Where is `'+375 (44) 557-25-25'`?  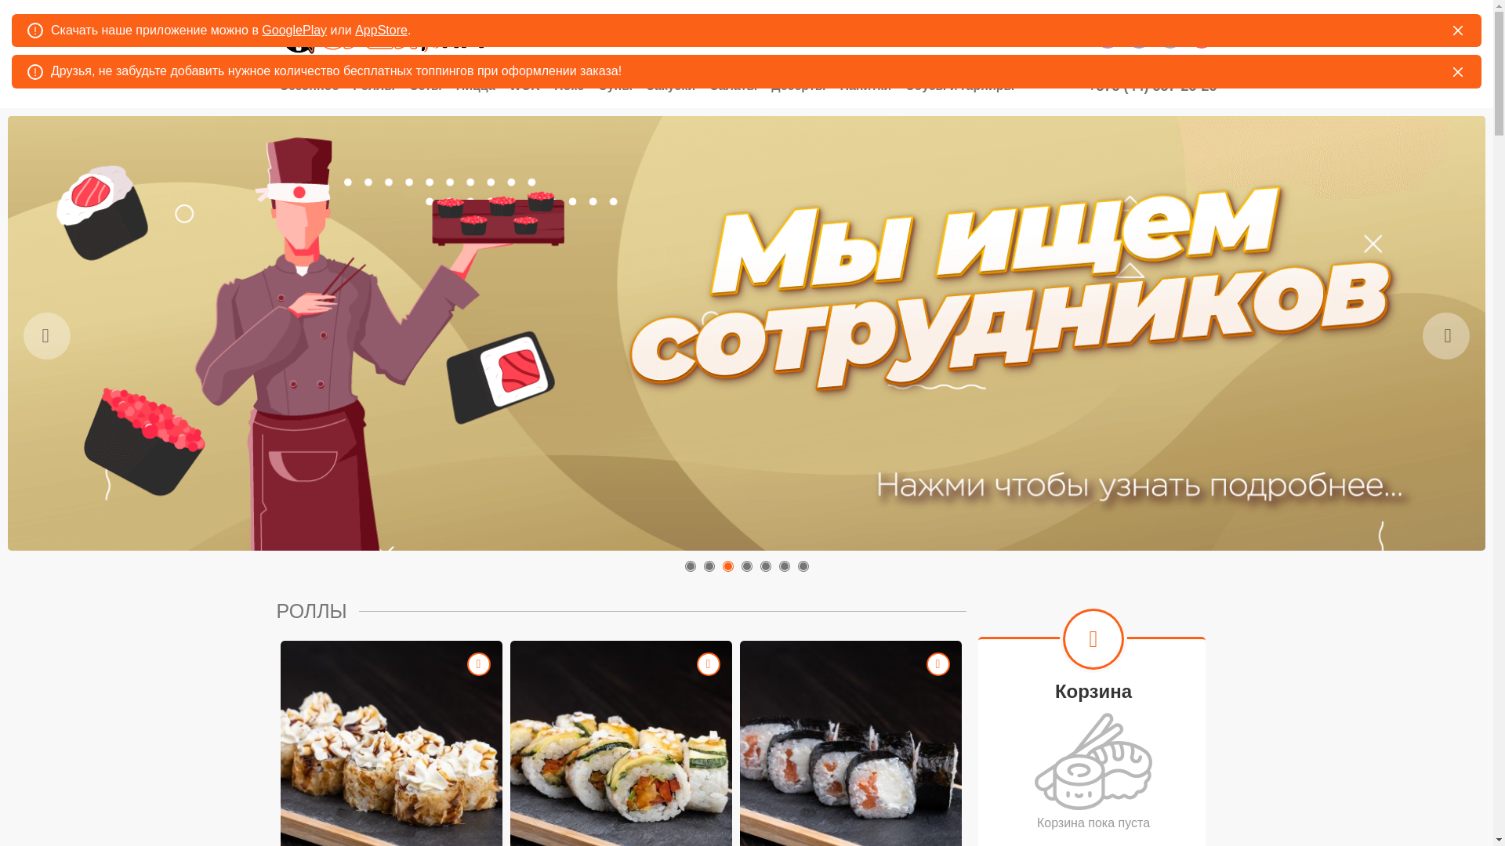
'+375 (44) 557-25-25' is located at coordinates (1152, 86).